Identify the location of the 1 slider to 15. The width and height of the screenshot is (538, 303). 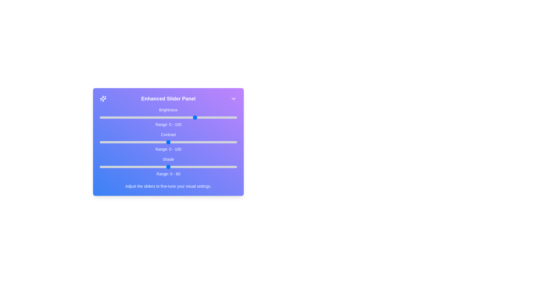
(120, 142).